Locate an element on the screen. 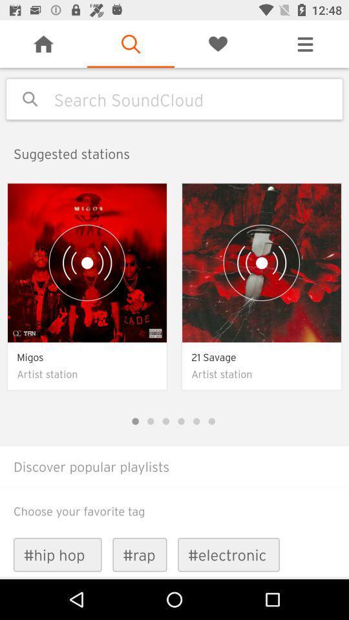  the item above the choose your favorite icon is located at coordinates (174, 486).